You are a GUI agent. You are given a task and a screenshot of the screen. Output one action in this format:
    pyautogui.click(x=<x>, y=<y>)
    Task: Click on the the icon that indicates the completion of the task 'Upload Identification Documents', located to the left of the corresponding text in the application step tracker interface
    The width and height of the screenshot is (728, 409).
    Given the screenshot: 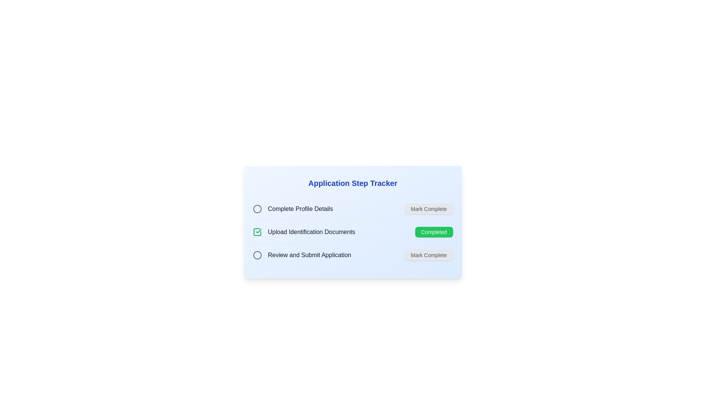 What is the action you would take?
    pyautogui.click(x=257, y=232)
    